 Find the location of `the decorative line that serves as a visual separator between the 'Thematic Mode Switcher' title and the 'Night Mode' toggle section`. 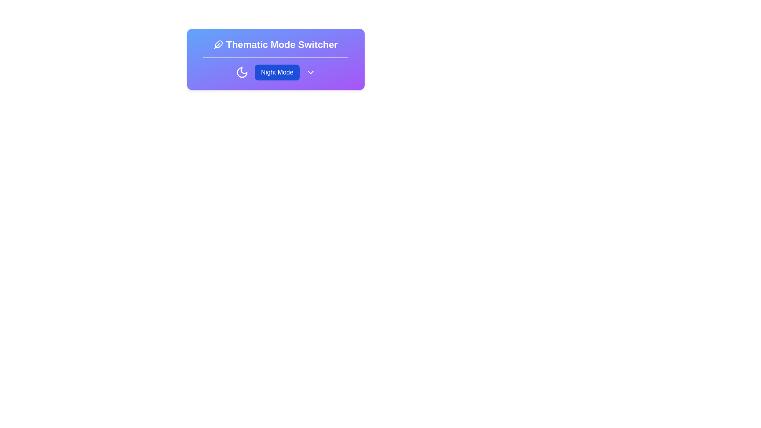

the decorative line that serves as a visual separator between the 'Thematic Mode Switcher' title and the 'Night Mode' toggle section is located at coordinates (275, 57).